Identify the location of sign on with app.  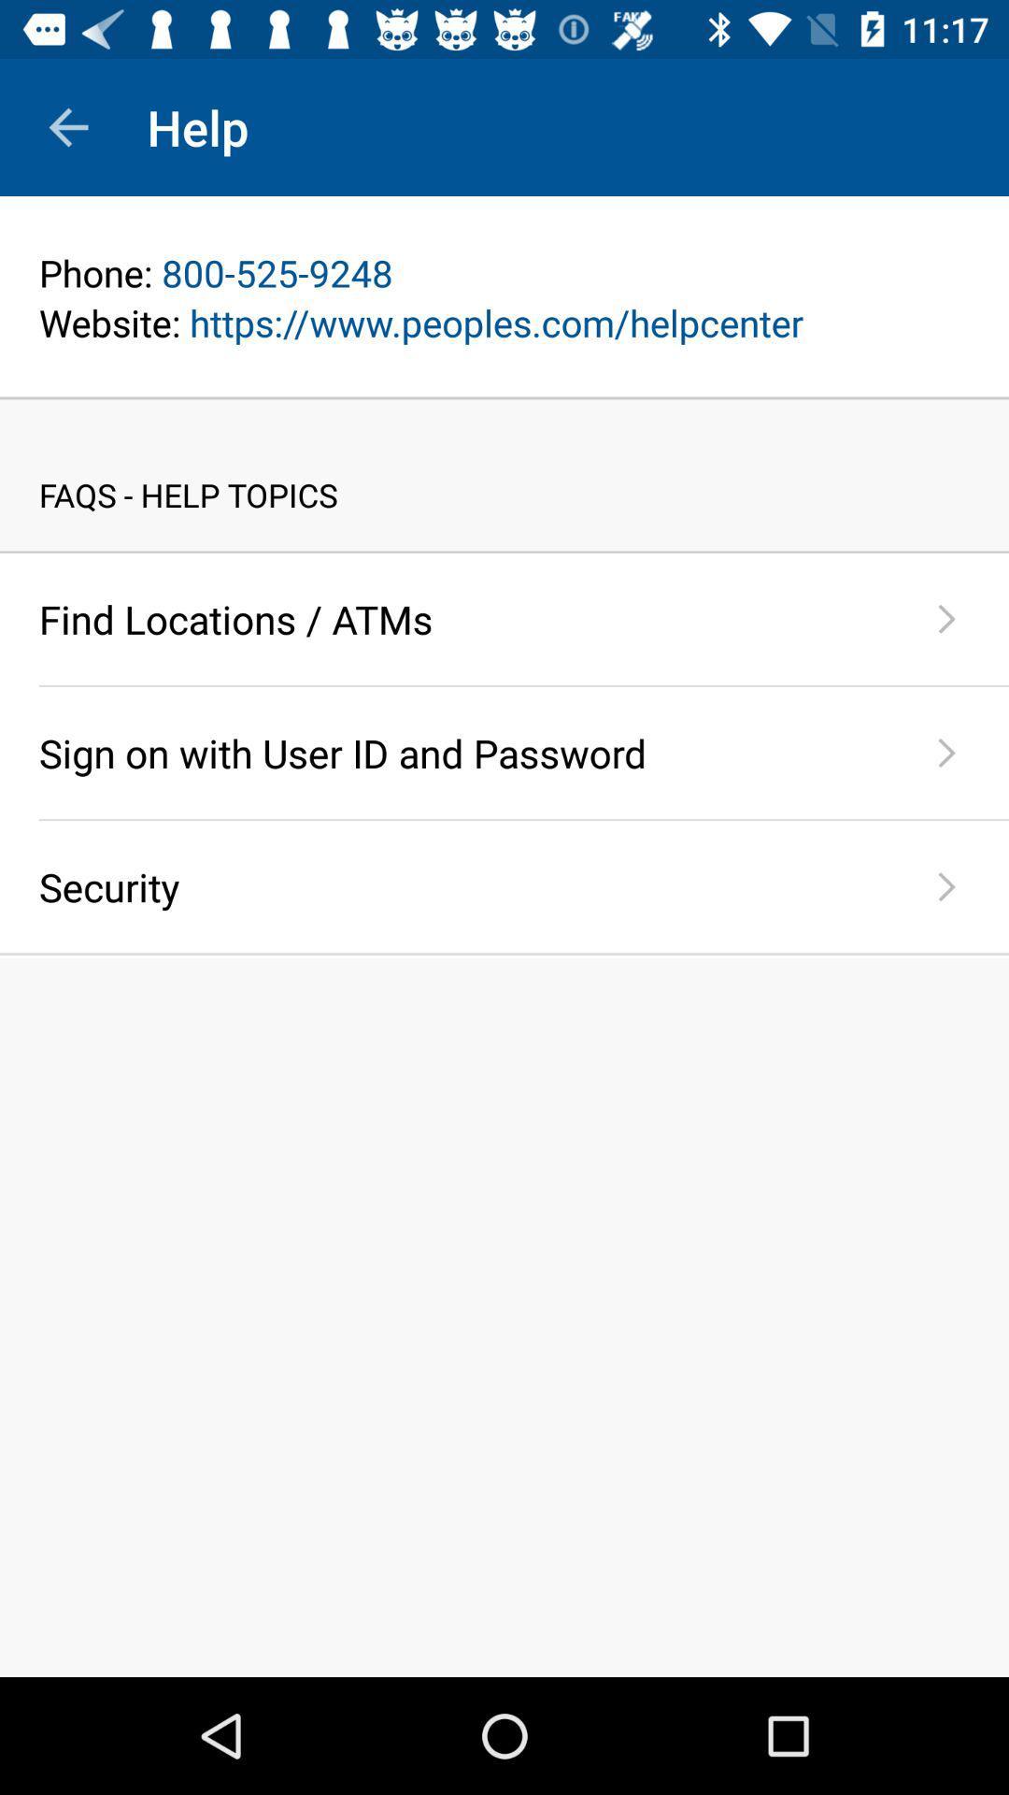
(462, 753).